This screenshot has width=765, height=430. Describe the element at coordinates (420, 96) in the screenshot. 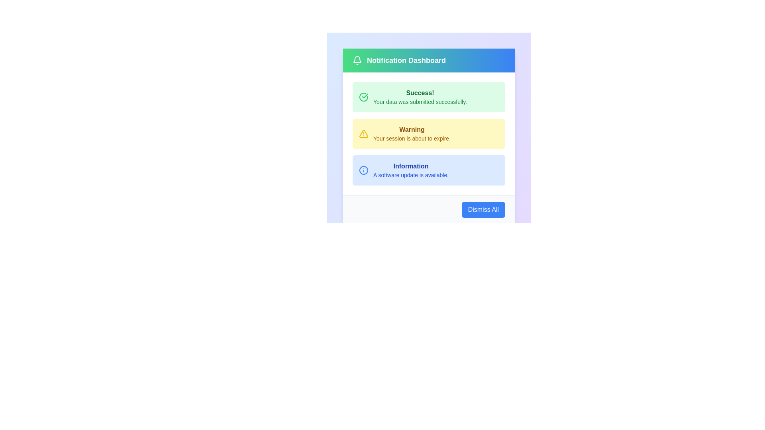

I see `text block displaying the message 'Success! Your data was submitted successfully.' which is styled with a green background and consists of two lines, with the first line 'Success!' in bold` at that location.